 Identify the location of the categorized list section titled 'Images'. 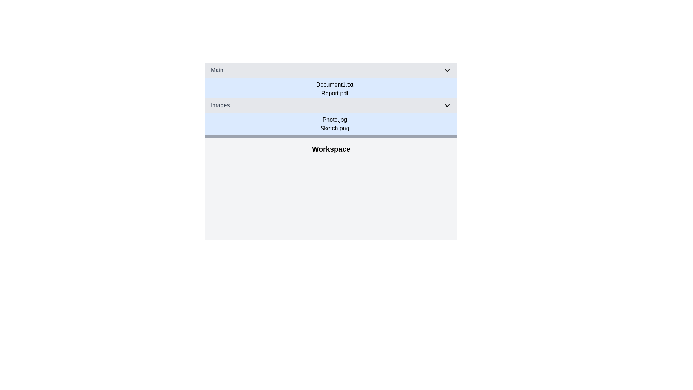
(331, 115).